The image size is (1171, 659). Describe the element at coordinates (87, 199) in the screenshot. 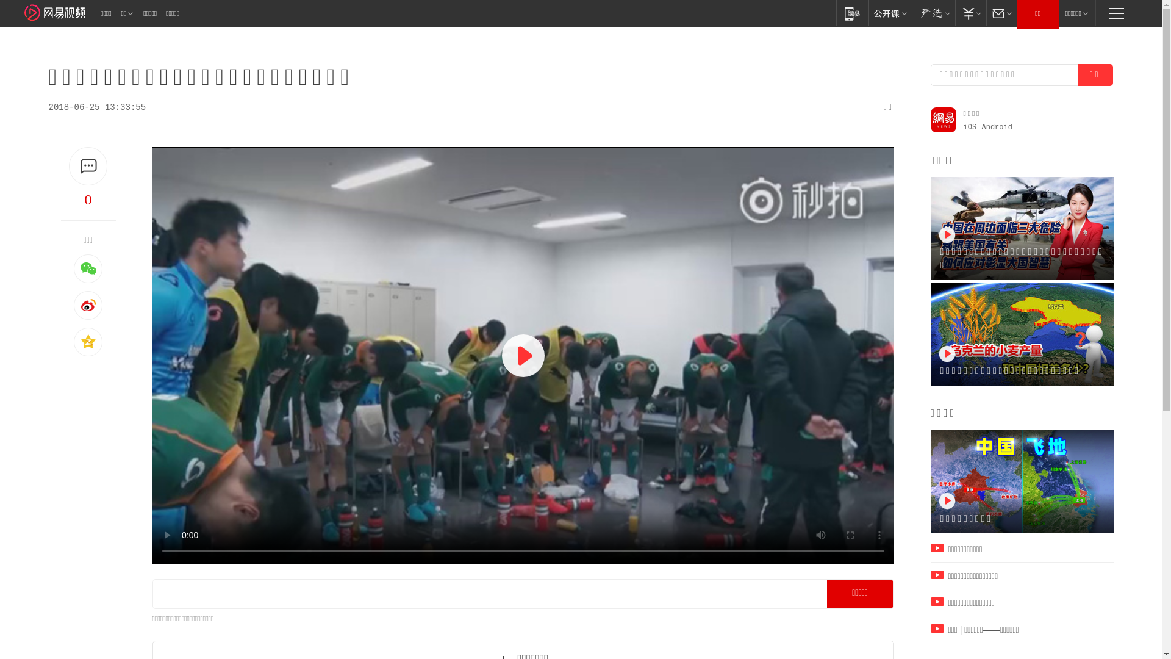

I see `'0'` at that location.